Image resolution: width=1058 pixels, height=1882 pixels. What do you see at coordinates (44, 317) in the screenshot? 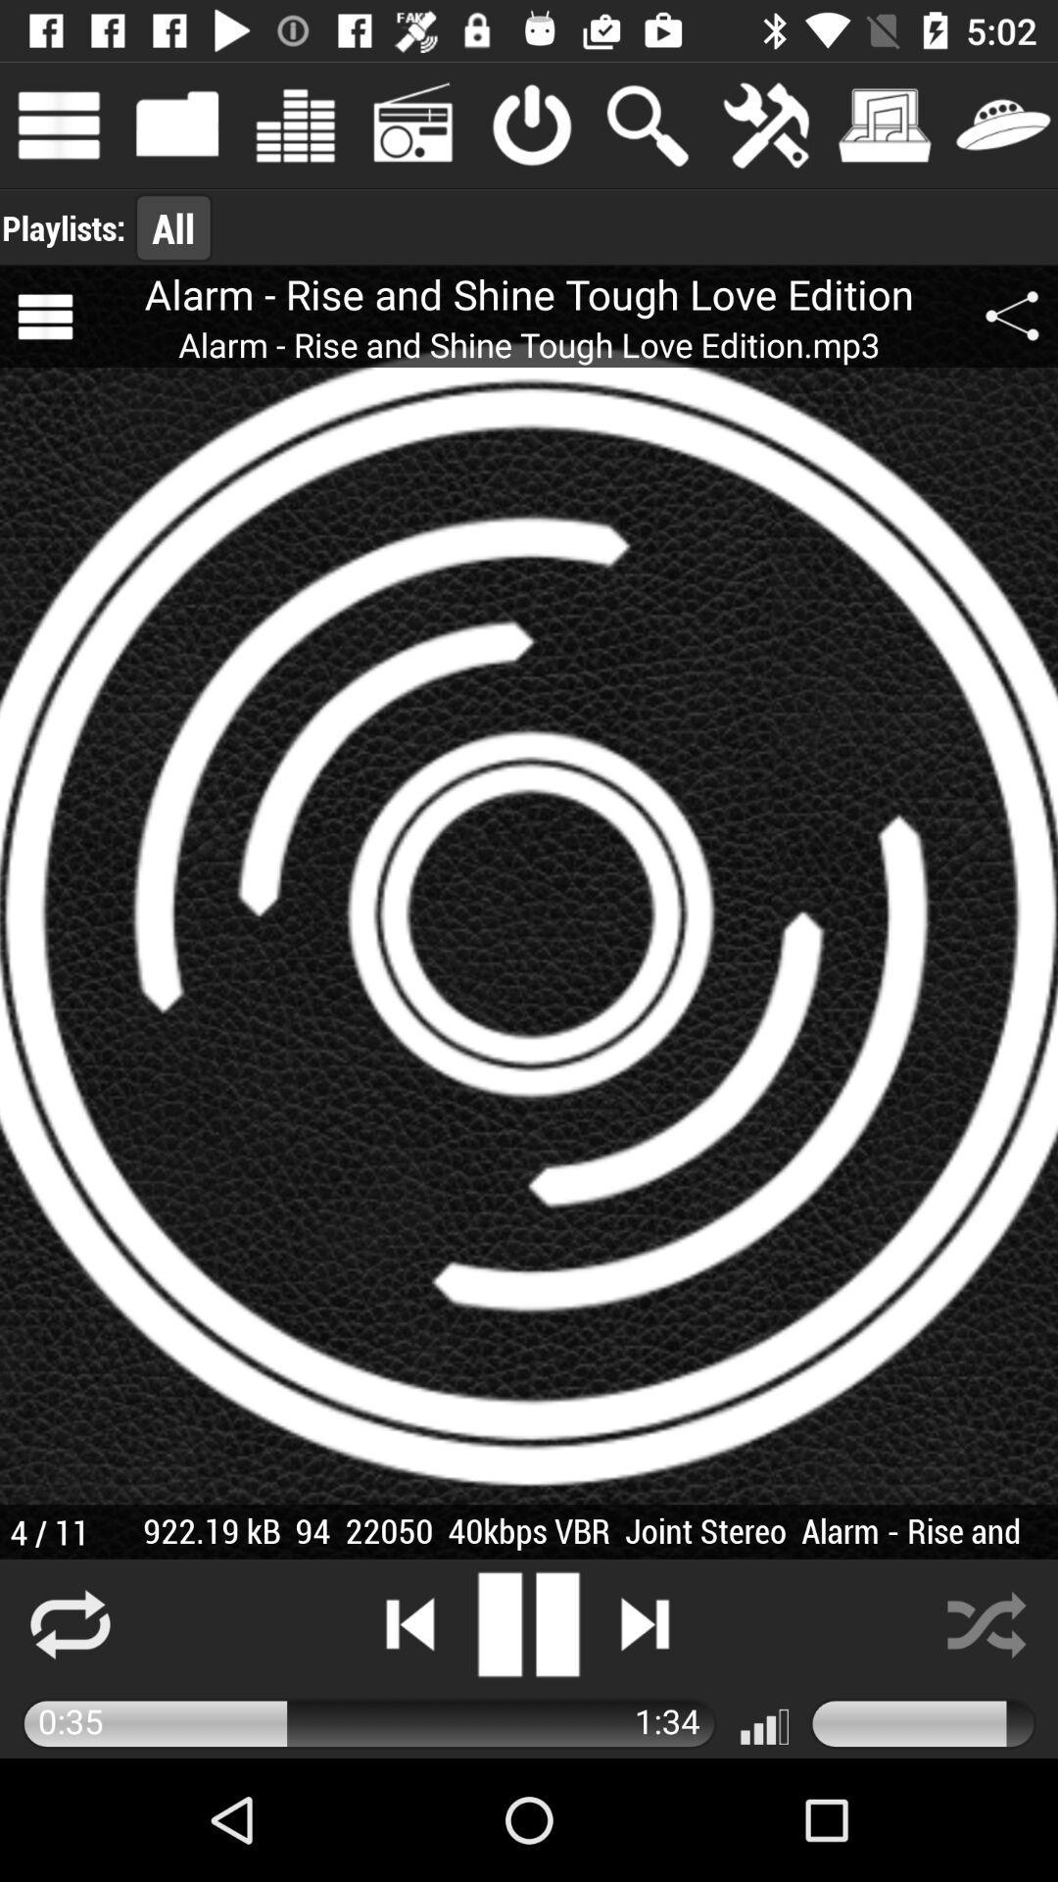
I see `the icon to the left of the alarm rise and icon` at bounding box center [44, 317].